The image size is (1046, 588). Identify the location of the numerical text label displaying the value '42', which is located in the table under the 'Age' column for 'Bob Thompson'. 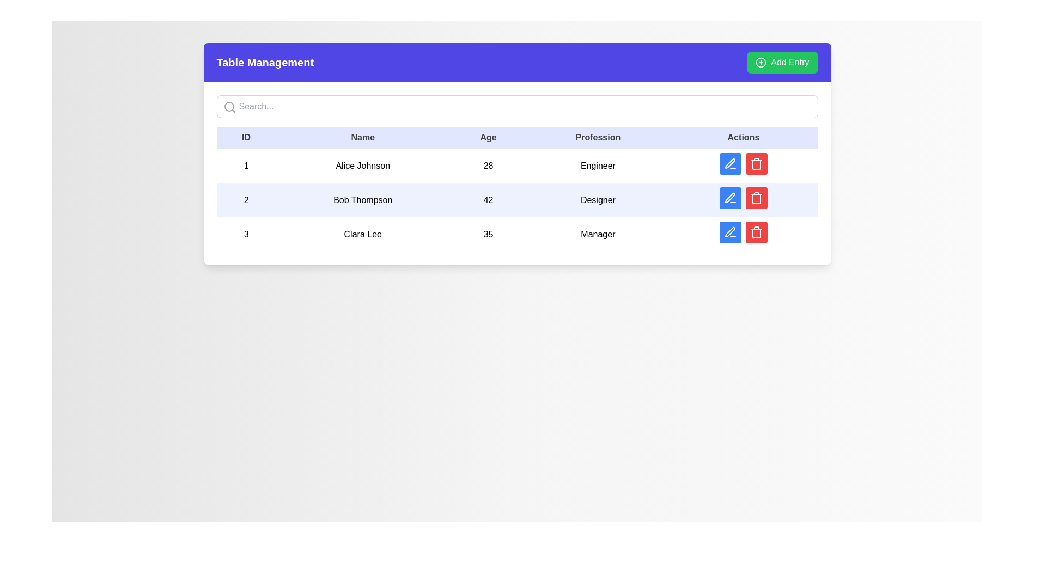
(488, 200).